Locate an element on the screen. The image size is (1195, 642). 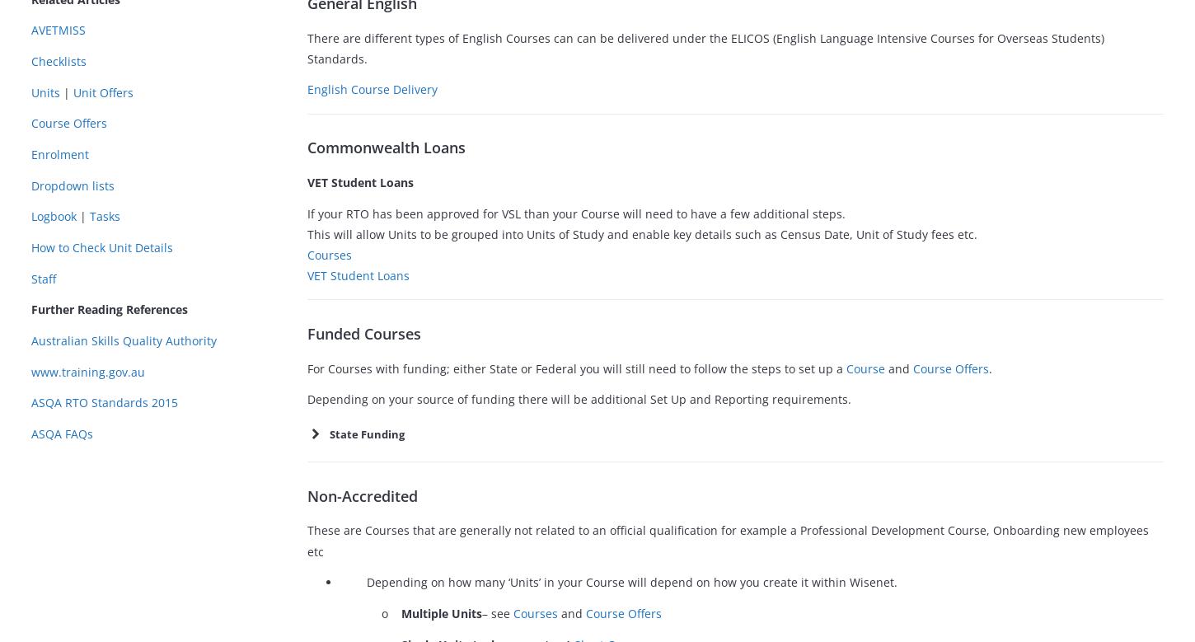
'– see' is located at coordinates (498, 612).